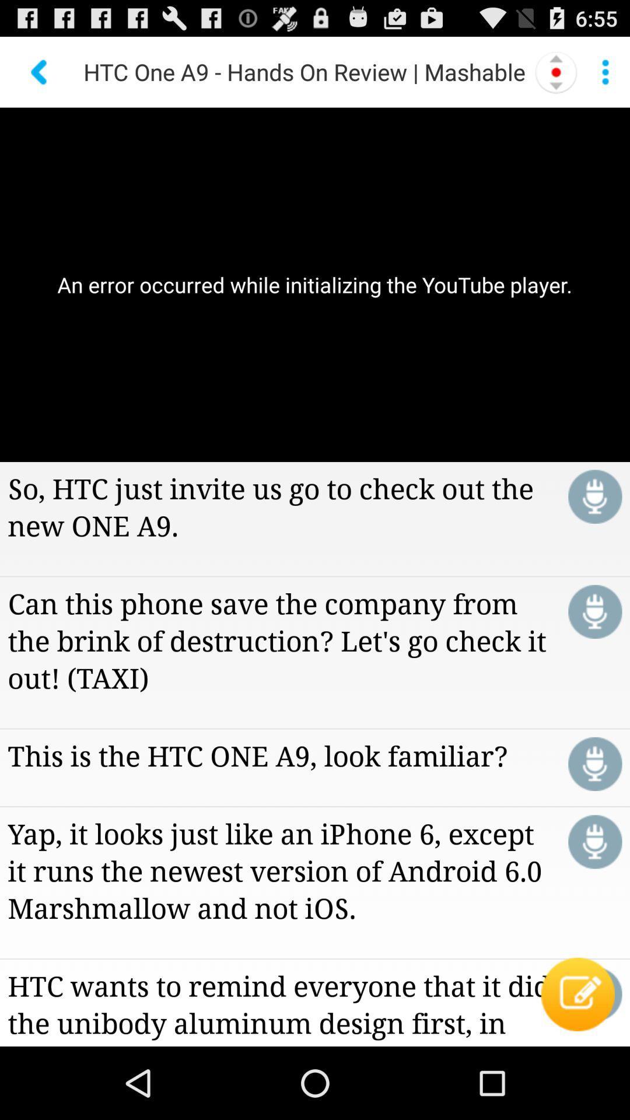 The image size is (630, 1120). I want to click on the more icon, so click(555, 76).